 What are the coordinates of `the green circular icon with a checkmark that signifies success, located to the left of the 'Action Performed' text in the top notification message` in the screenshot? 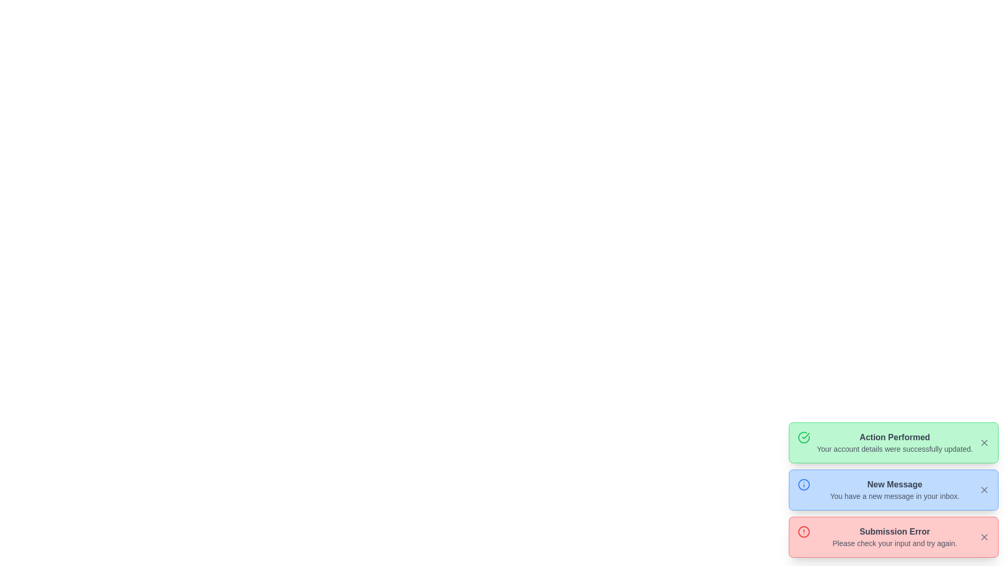 It's located at (804, 442).